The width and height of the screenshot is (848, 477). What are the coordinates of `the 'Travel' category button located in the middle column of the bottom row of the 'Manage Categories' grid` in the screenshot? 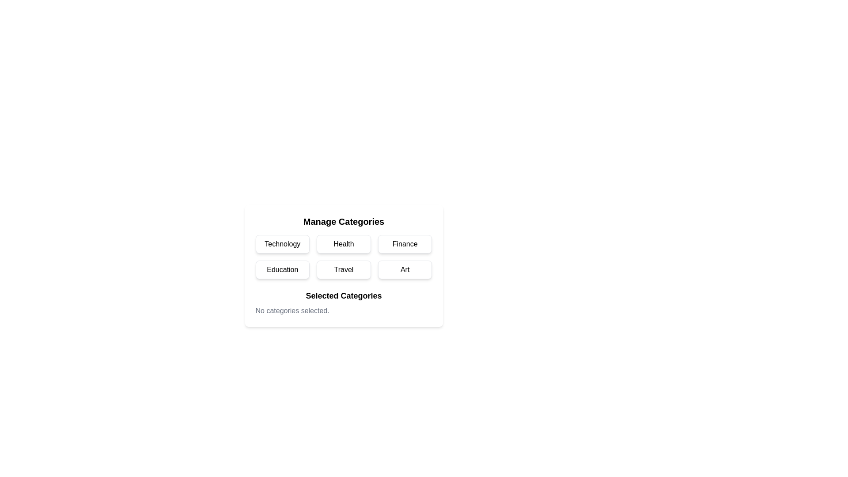 It's located at (343, 269).